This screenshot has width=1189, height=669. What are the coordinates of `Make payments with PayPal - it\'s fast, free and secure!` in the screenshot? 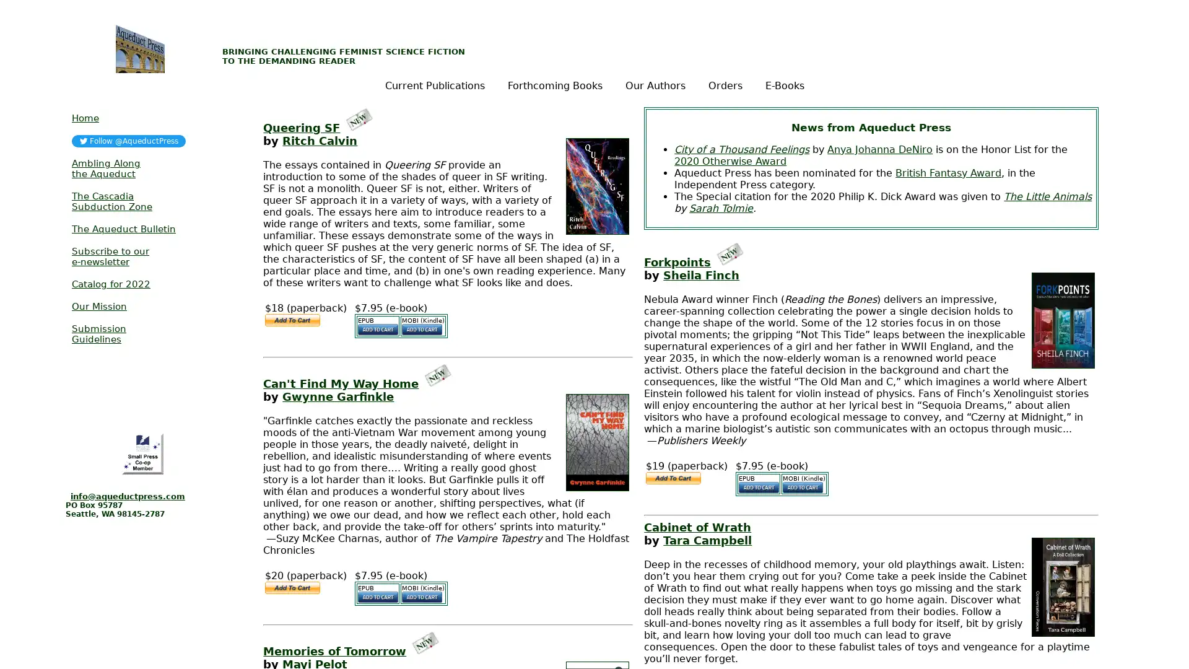 It's located at (291, 587).